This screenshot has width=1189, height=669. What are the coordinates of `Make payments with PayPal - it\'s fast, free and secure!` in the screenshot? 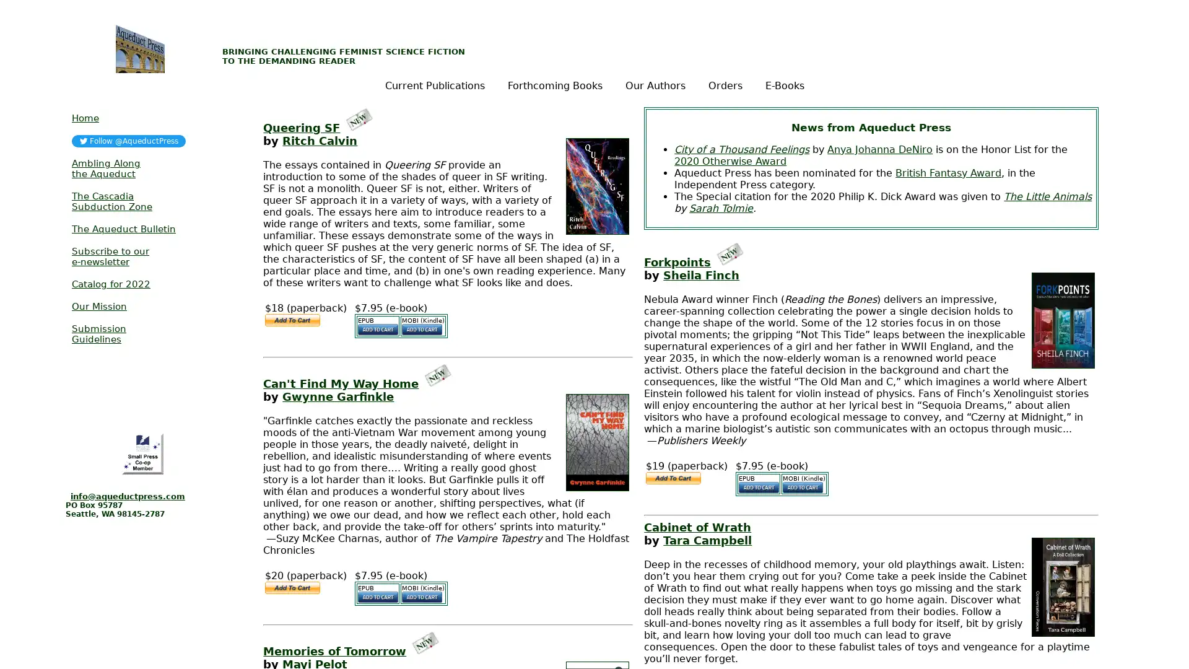 It's located at (291, 587).